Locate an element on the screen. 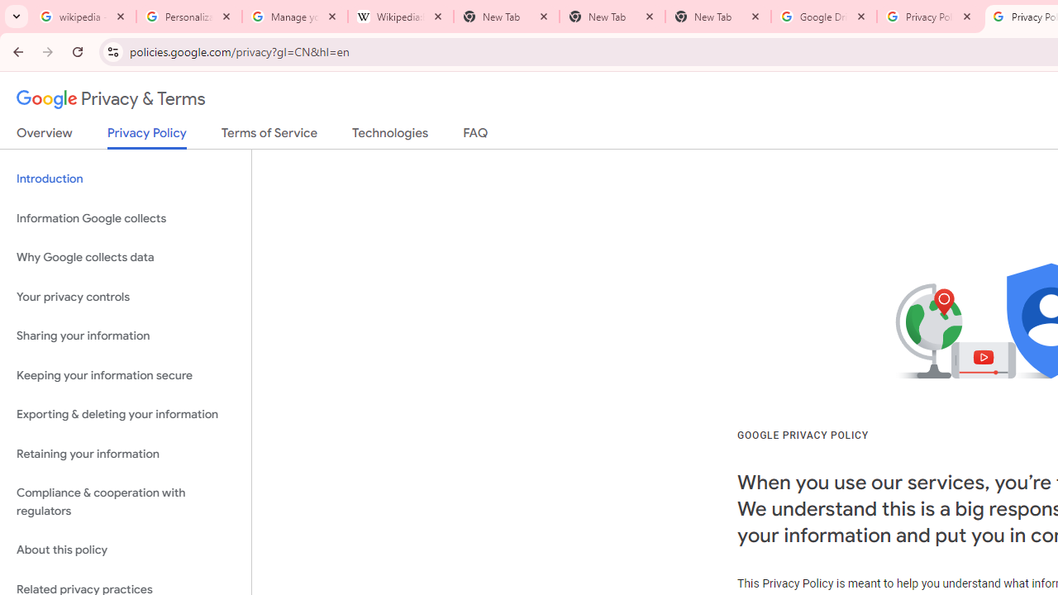 This screenshot has height=595, width=1058. 'Terms of Service' is located at coordinates (269, 136).